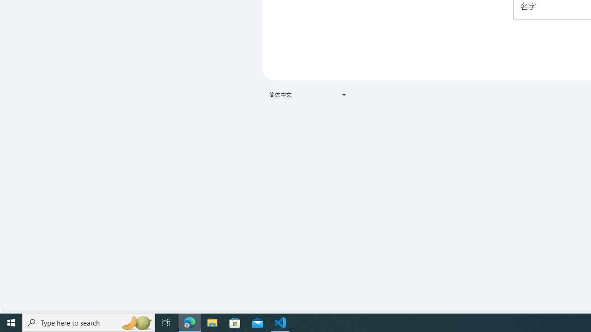  What do you see at coordinates (343, 95) in the screenshot?
I see `'Class: VfPpkd-t08AT-Bz112c-Bd00G'` at bounding box center [343, 95].